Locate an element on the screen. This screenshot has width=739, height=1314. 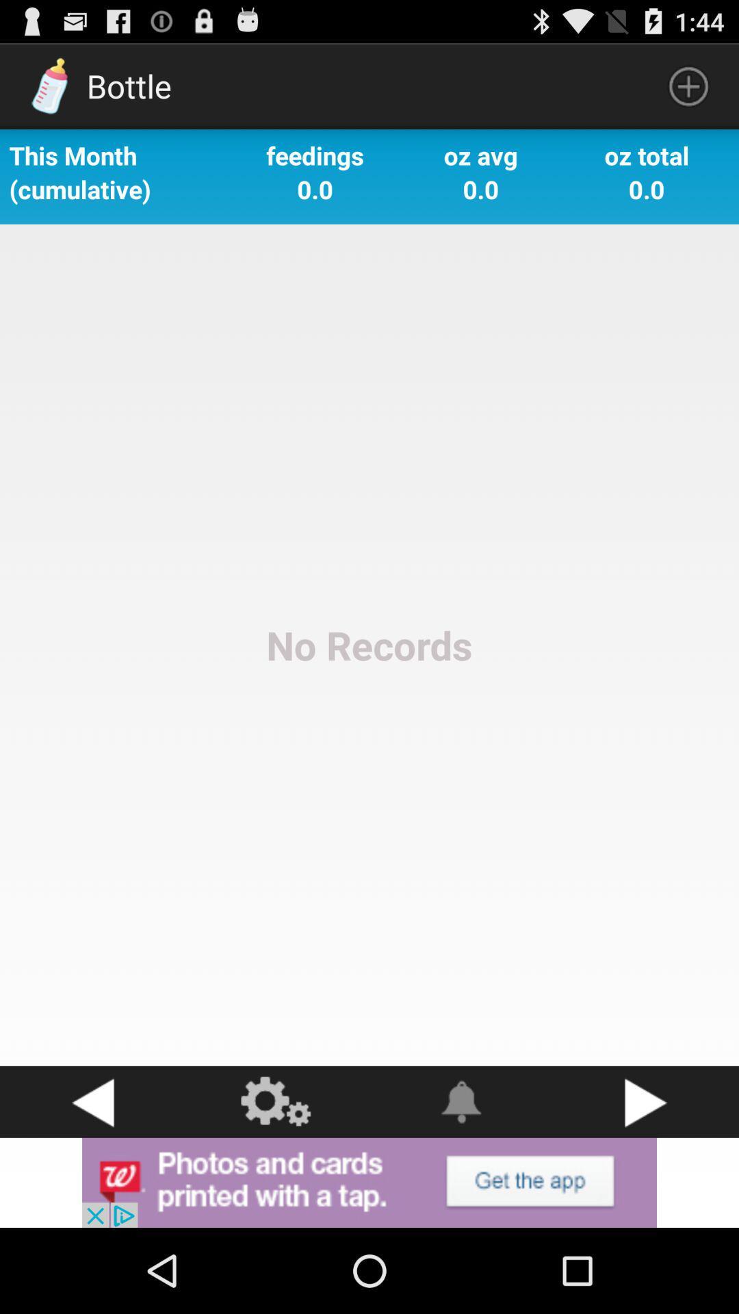
back is located at coordinates (92, 1102).